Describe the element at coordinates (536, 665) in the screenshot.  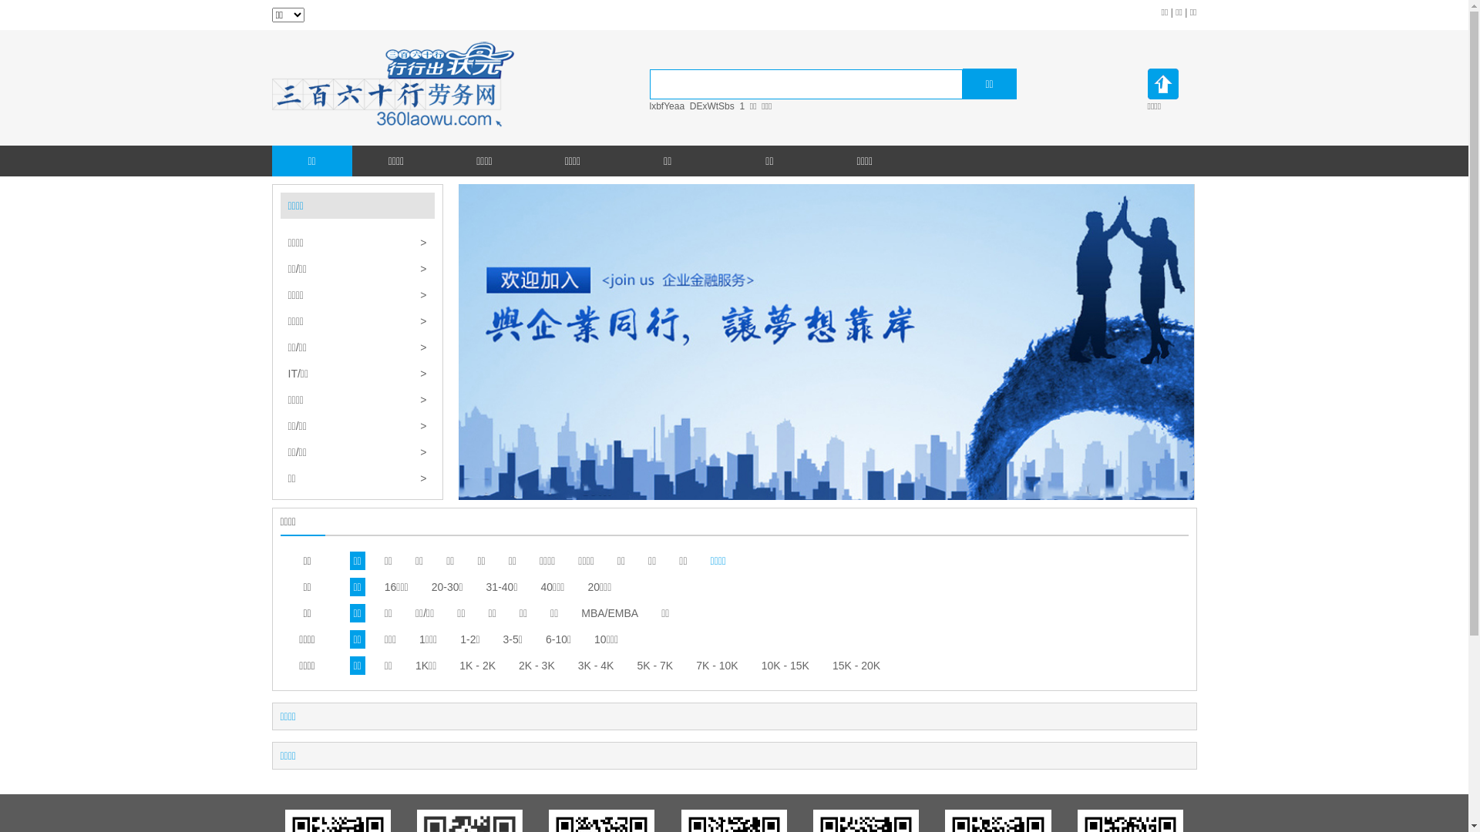
I see `'2K - 3K'` at that location.